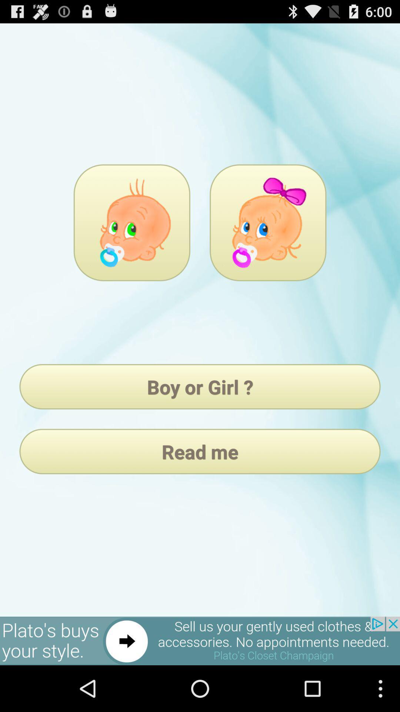 The width and height of the screenshot is (400, 712). What do you see at coordinates (268, 222) in the screenshot?
I see `game page` at bounding box center [268, 222].